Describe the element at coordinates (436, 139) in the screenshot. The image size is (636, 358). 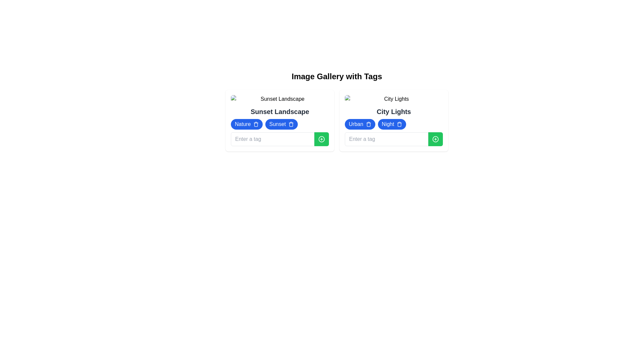
I see `the circular icon element located on the right side of the 'City Lights' section, which is part of a button with a green background` at that location.